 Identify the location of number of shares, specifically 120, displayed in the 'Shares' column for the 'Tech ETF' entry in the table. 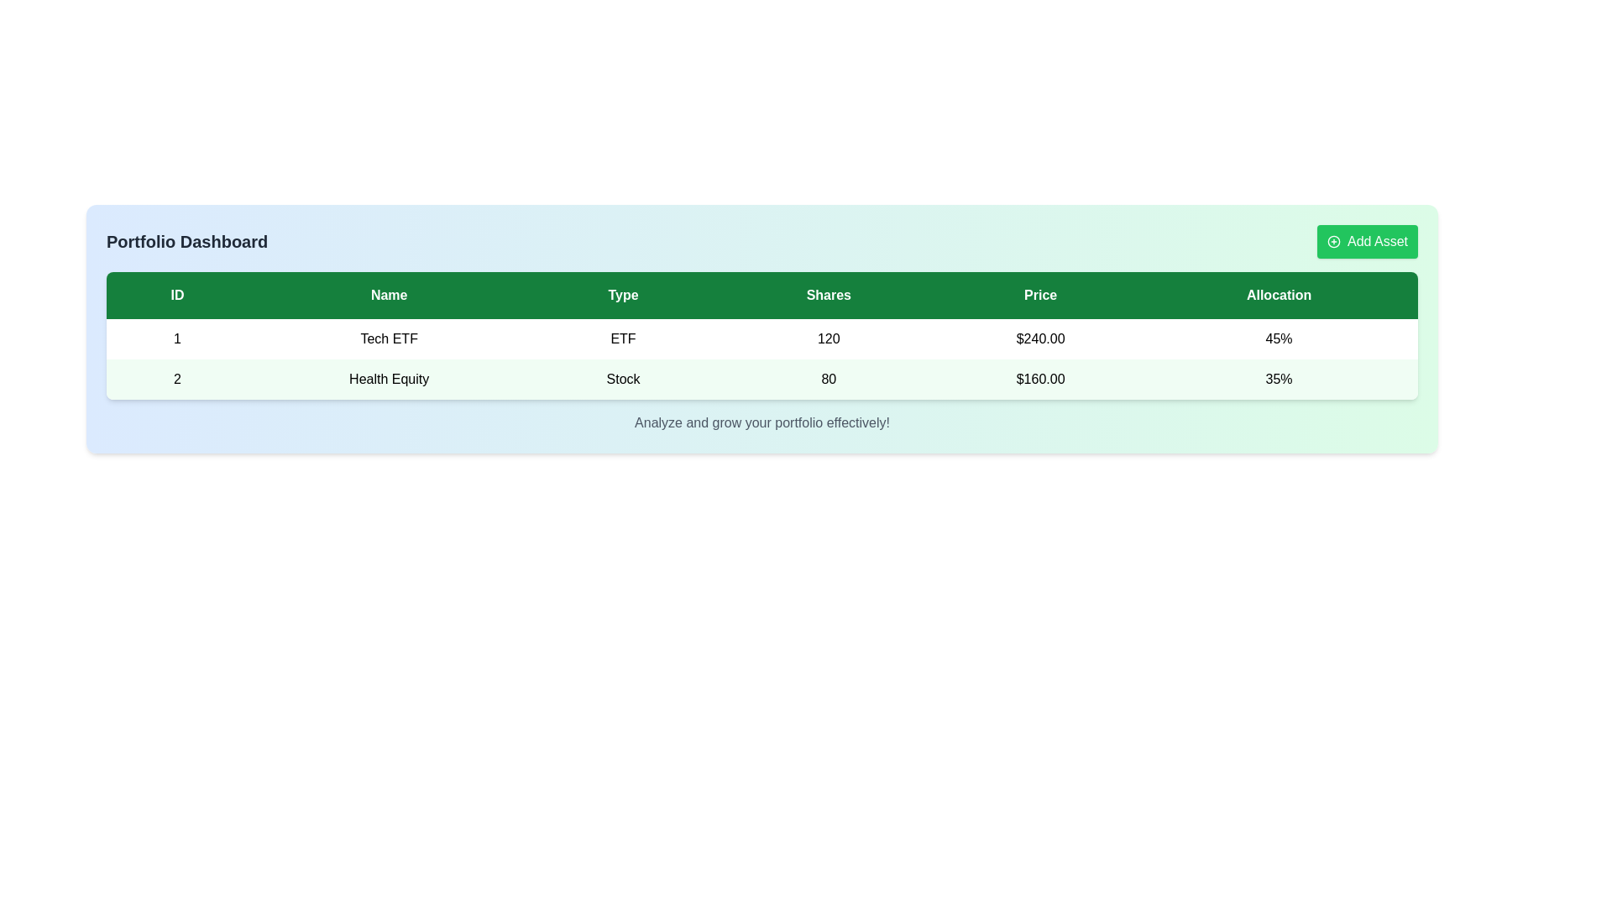
(829, 339).